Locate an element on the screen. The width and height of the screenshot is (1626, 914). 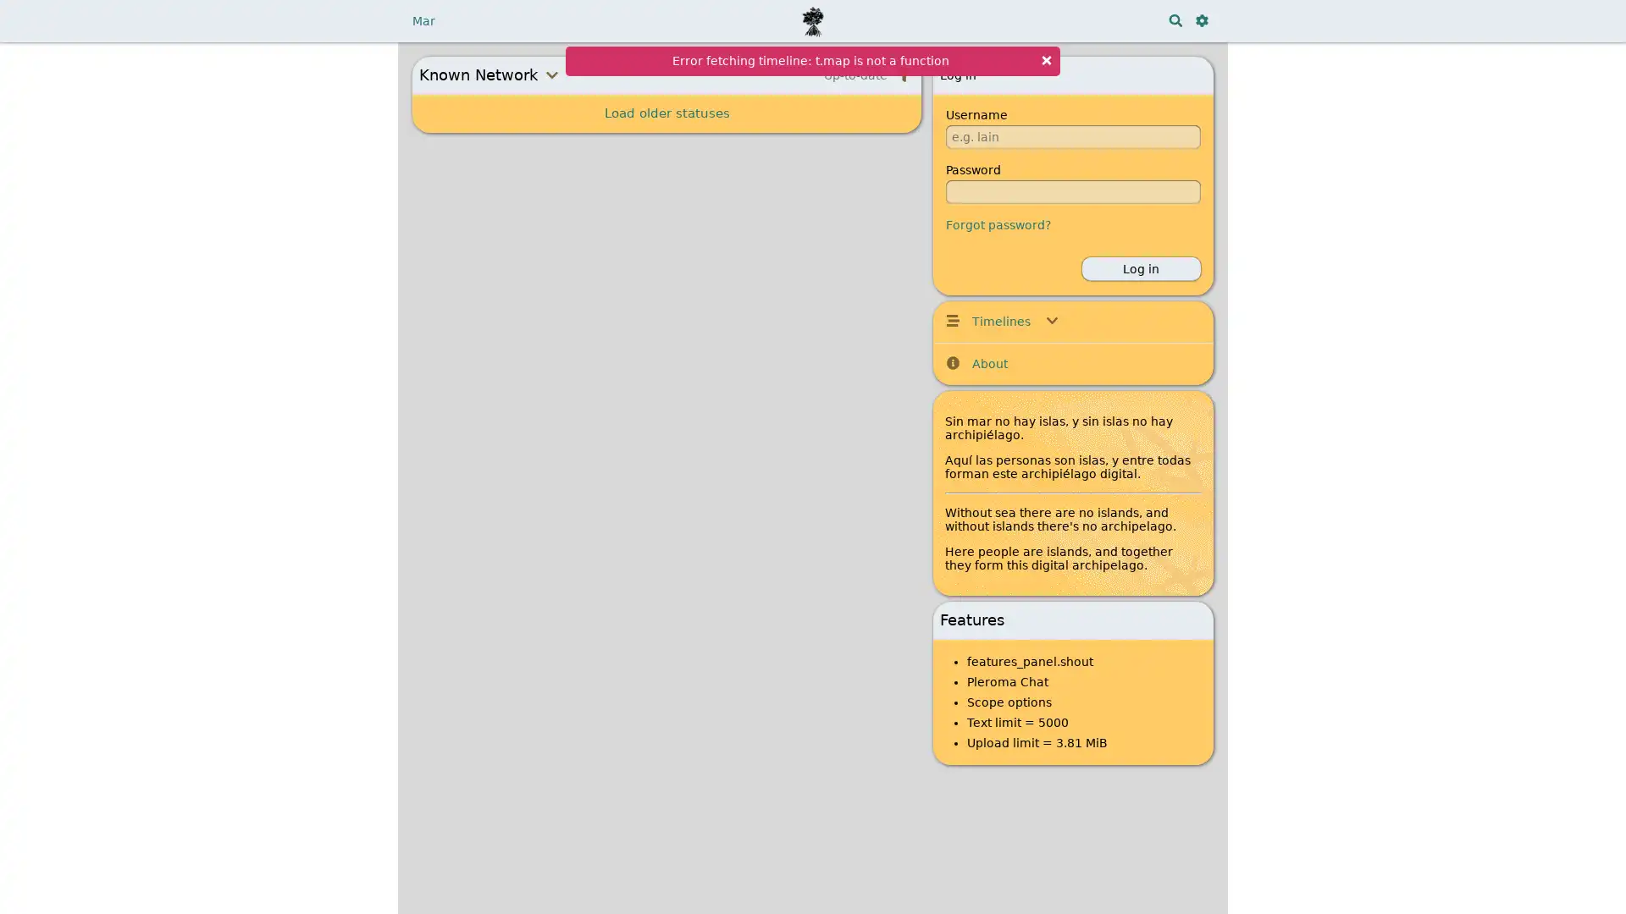
Load older statuses is located at coordinates (666, 113).